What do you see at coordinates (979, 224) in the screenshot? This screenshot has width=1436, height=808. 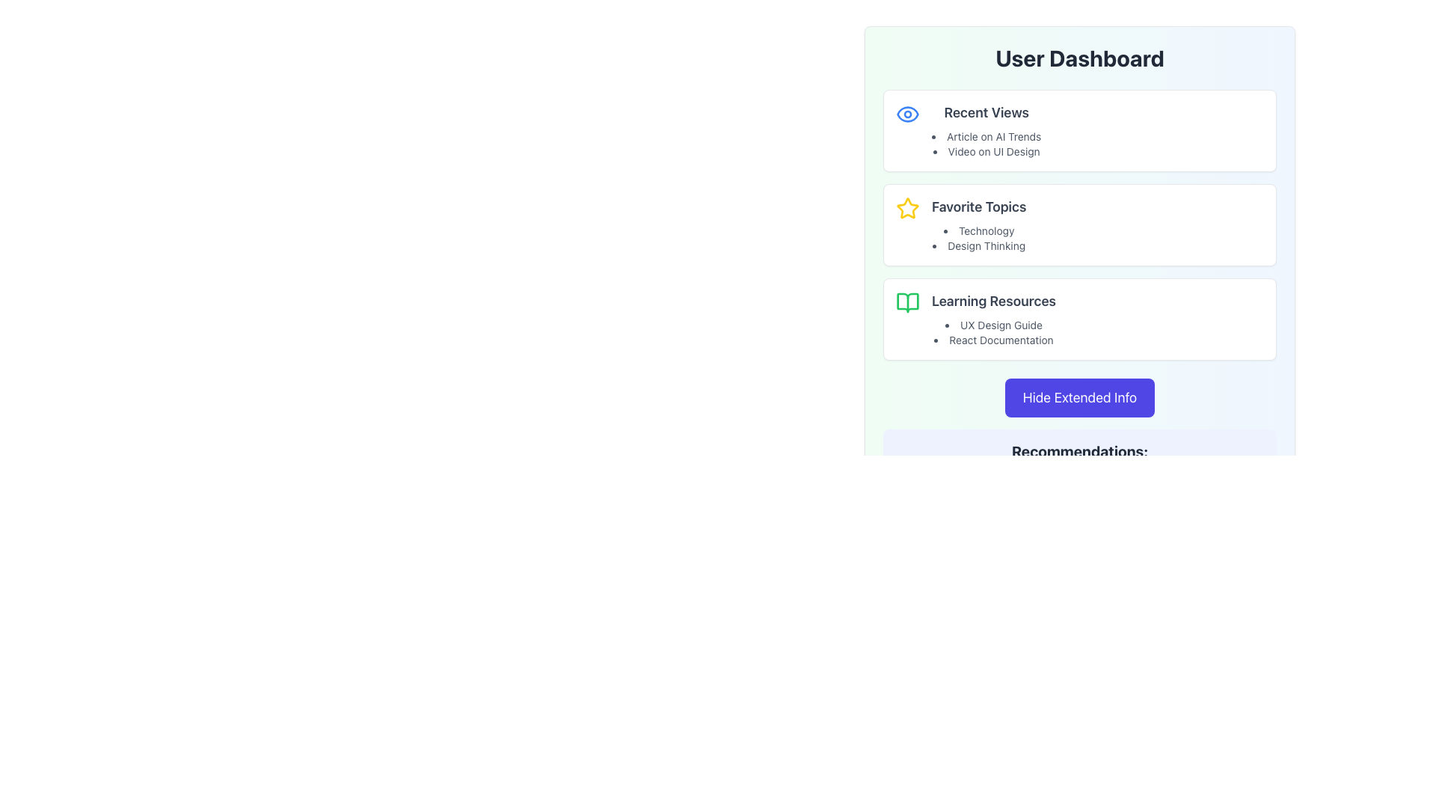 I see `the informational text block displaying the user's favorite topics, which is the second card in the user dashboard UI, located below 'Recent Views' and above 'Learning Resources'` at bounding box center [979, 224].